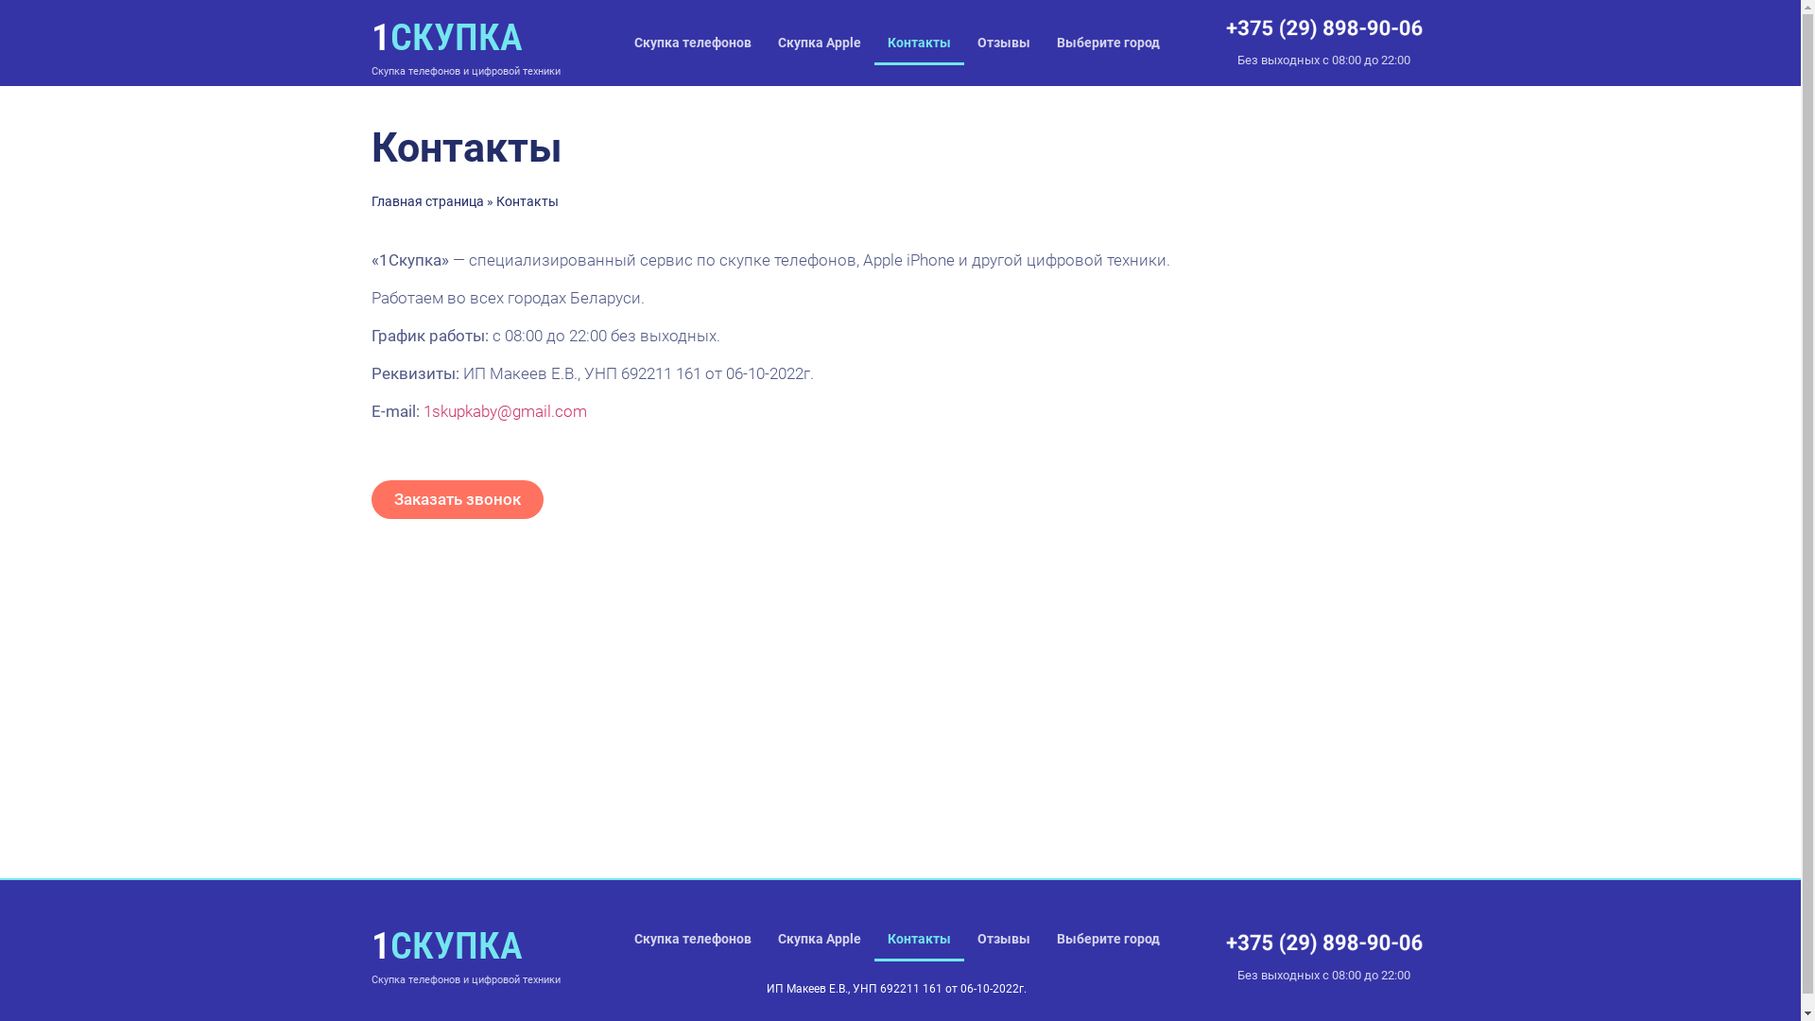  I want to click on '1skupkaby@gmail.com', so click(422, 410).